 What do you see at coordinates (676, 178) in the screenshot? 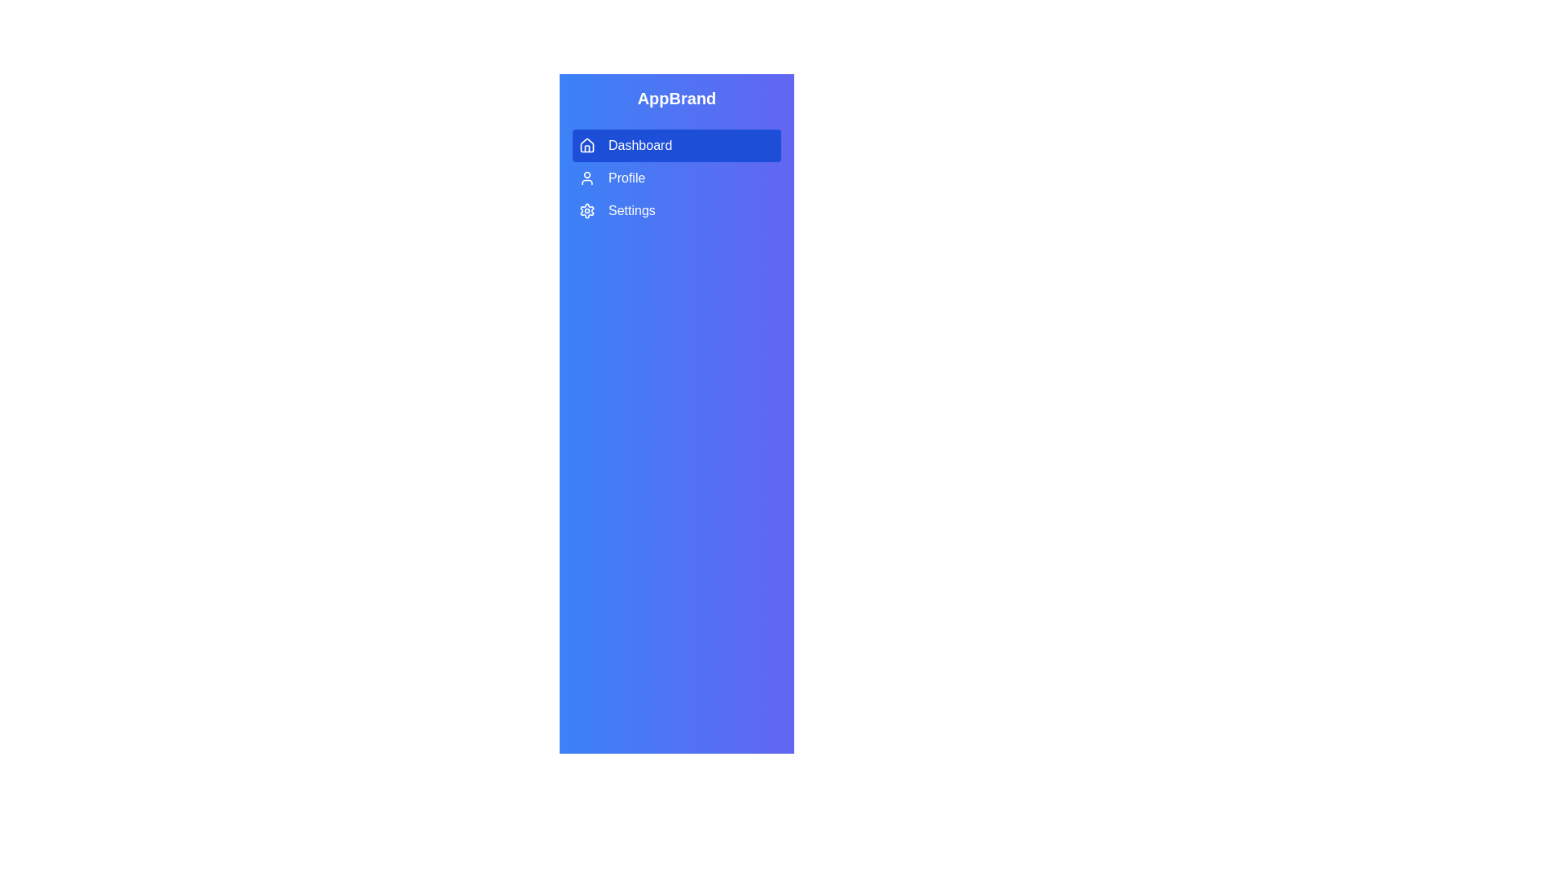
I see `the 'Profile' menu item in the vertical navigation menu` at bounding box center [676, 178].